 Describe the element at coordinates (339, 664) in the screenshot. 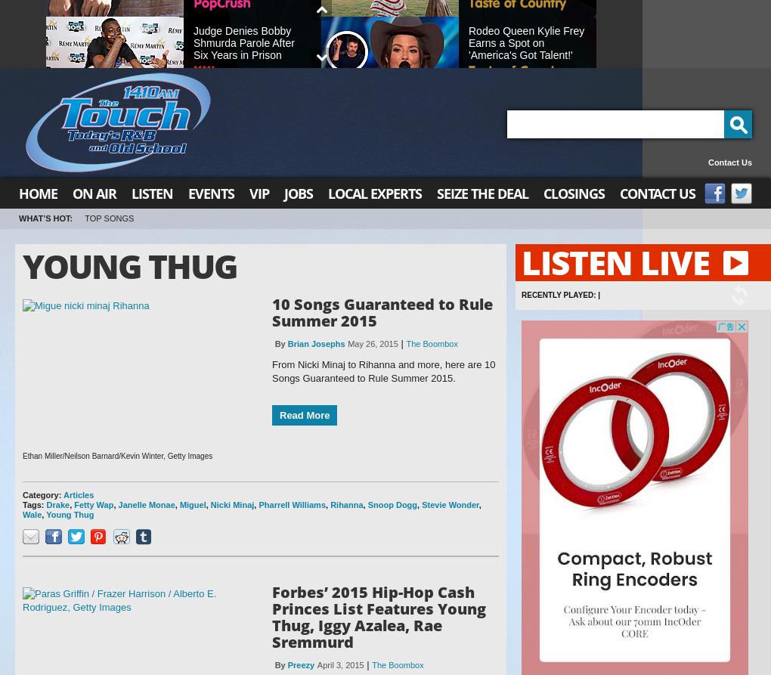

I see `'April 3, 2015'` at that location.